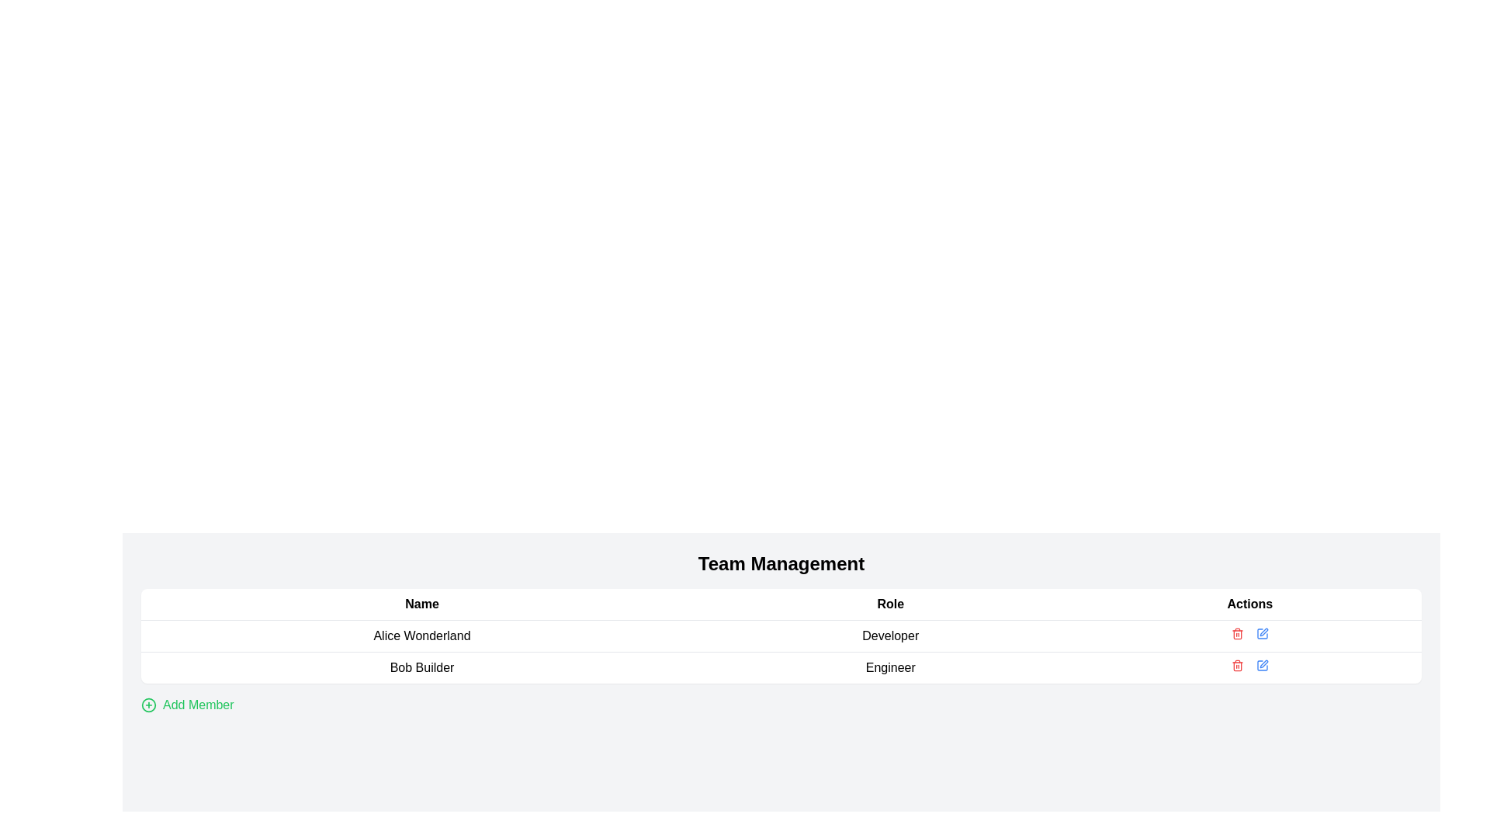  Describe the element at coordinates (890, 667) in the screenshot. I see `the Static label displaying the text 'Engineer' located in the second row and second column of the table under the 'Role' header` at that location.